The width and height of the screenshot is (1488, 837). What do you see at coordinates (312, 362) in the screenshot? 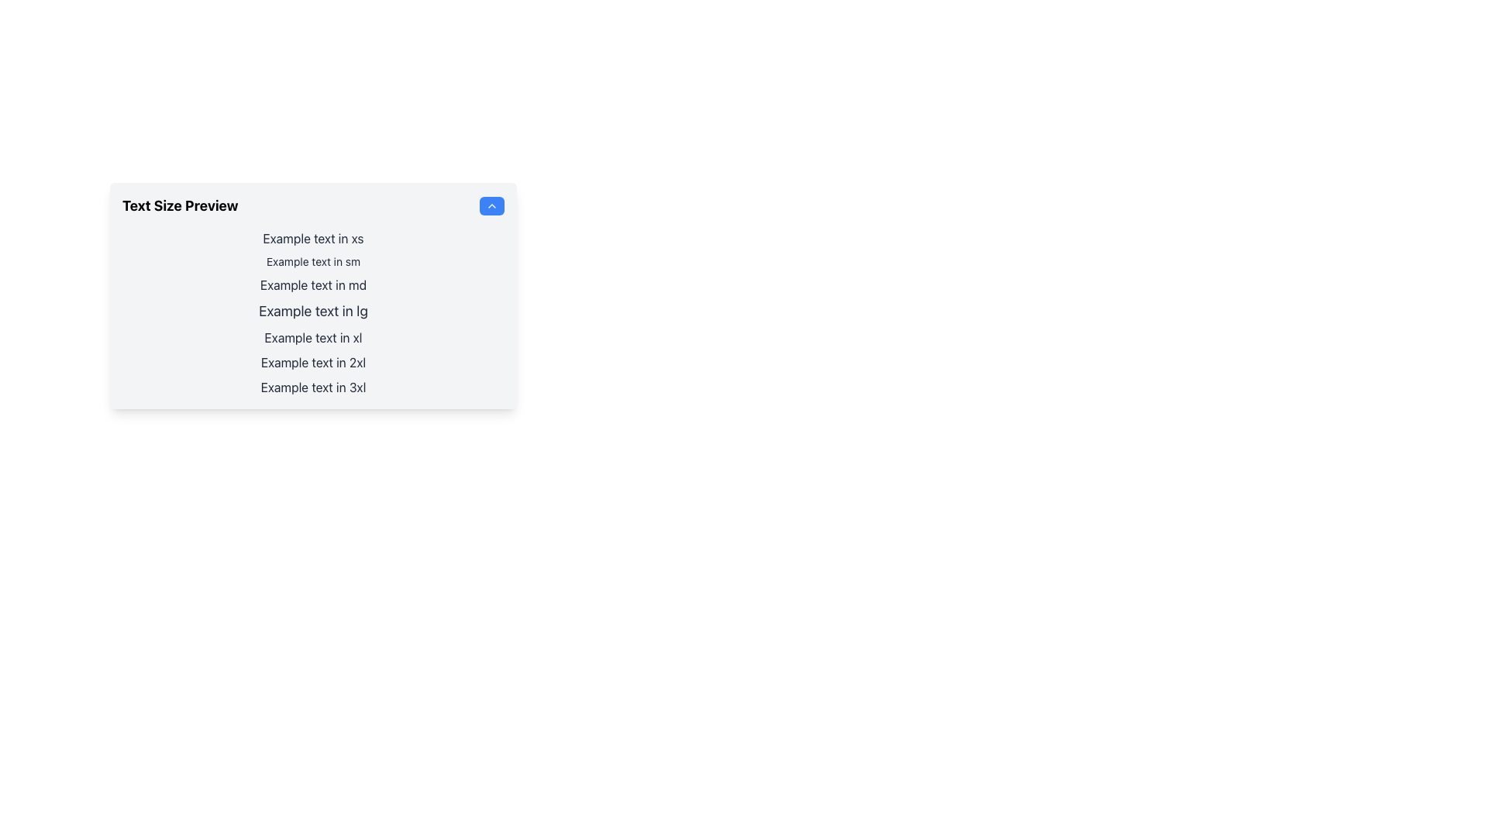
I see `the text element that displays 'Example text in 2xl', which is the sixth item in the 'Text Size Preview' list, positioned between 'Example text in xl' and 'Example text in 3xl'` at bounding box center [312, 362].